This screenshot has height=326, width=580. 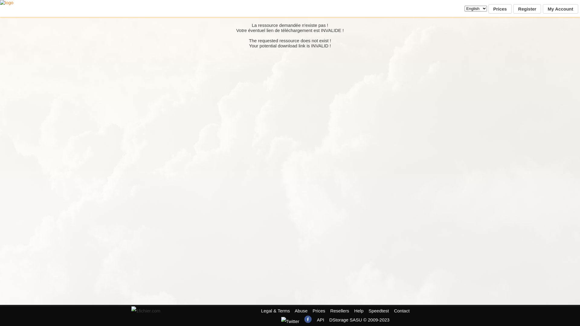 I want to click on 'Prices', so click(x=488, y=9).